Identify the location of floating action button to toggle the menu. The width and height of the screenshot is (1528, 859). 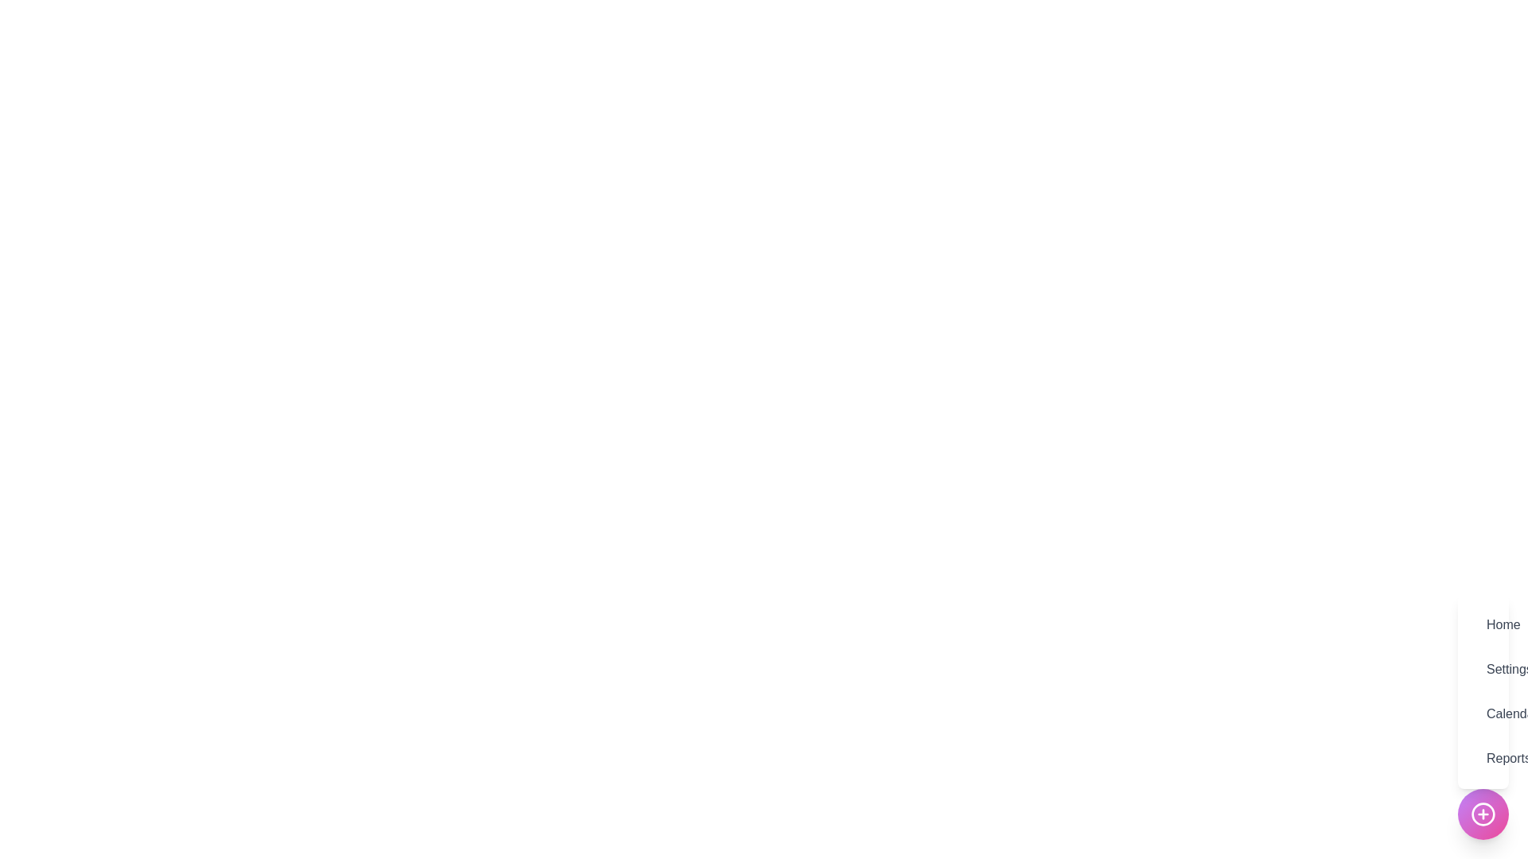
(1482, 814).